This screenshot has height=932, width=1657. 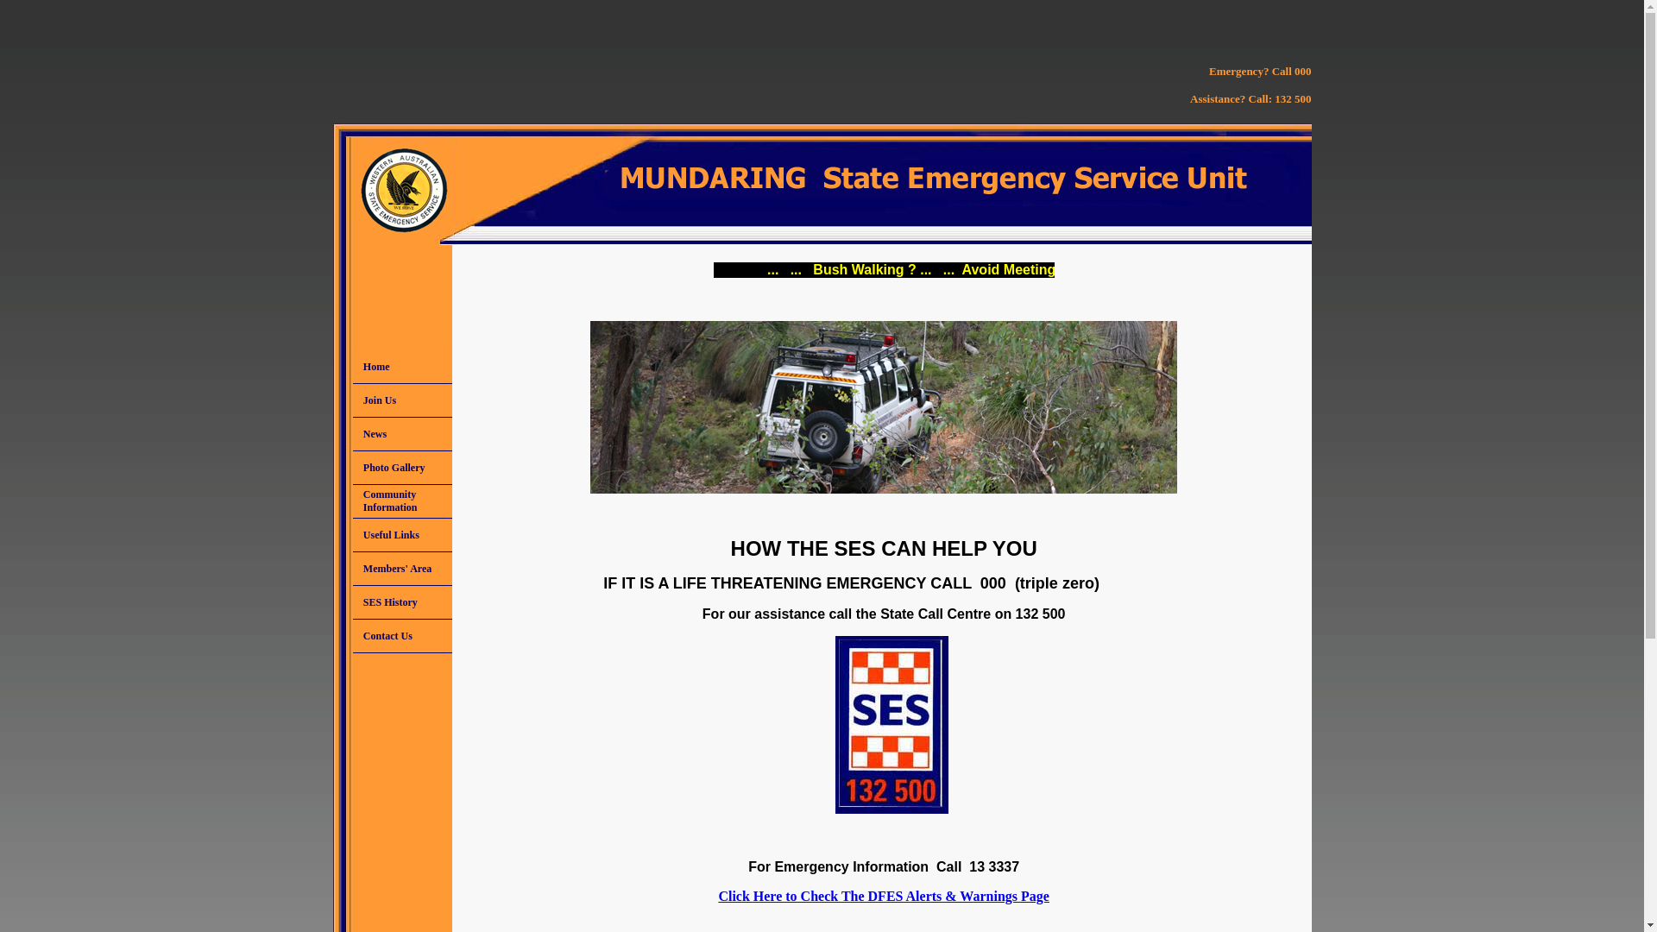 What do you see at coordinates (883, 895) in the screenshot?
I see `'Click Here to Check The DFES Alerts & Warnings Page'` at bounding box center [883, 895].